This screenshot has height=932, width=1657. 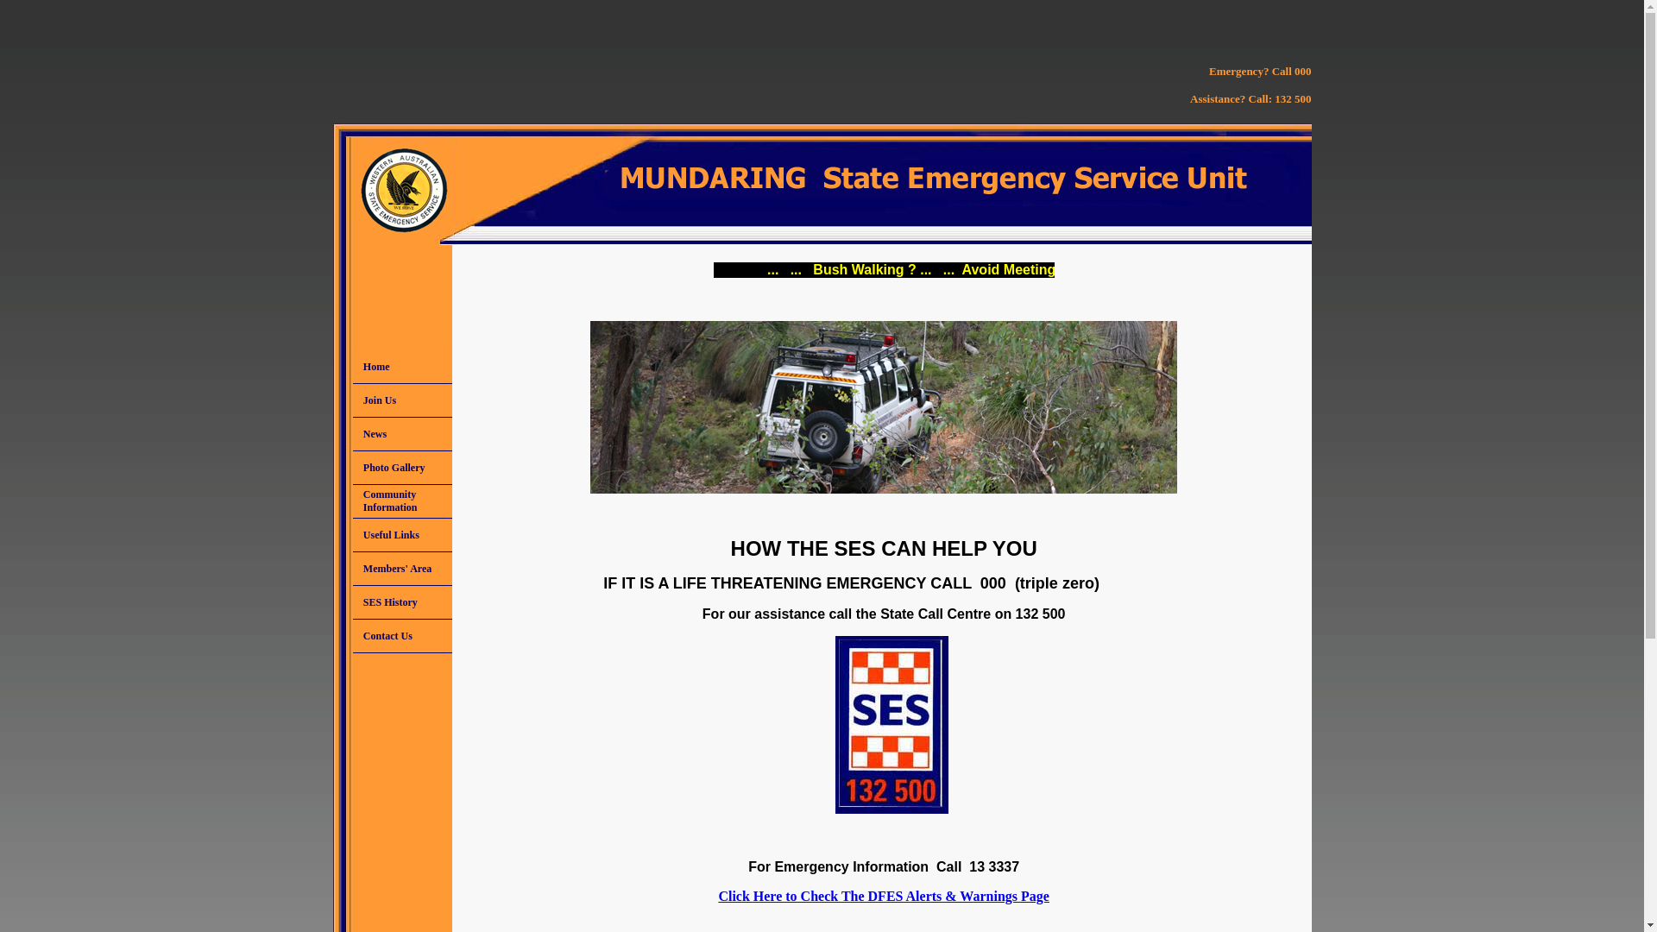 What do you see at coordinates (883, 895) in the screenshot?
I see `'Click Here to Check The DFES Alerts & Warnings Page'` at bounding box center [883, 895].